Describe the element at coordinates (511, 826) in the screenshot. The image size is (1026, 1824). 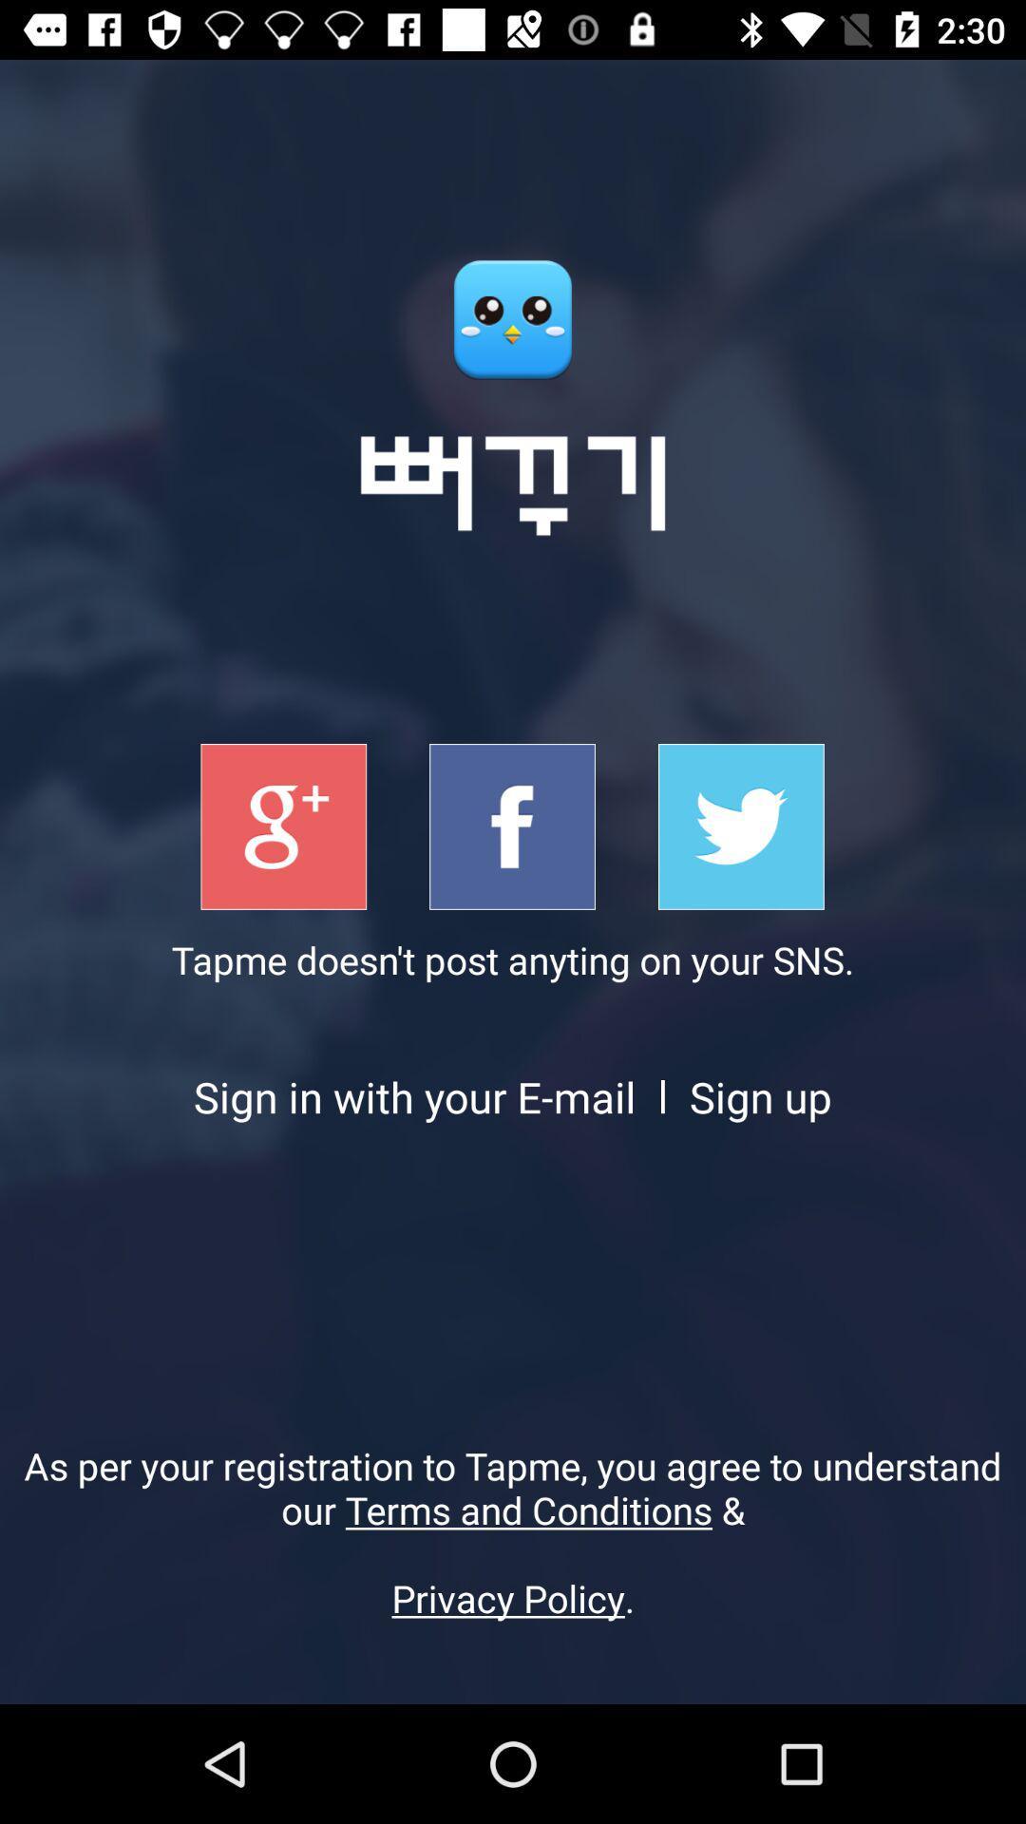
I see `singup with fb` at that location.